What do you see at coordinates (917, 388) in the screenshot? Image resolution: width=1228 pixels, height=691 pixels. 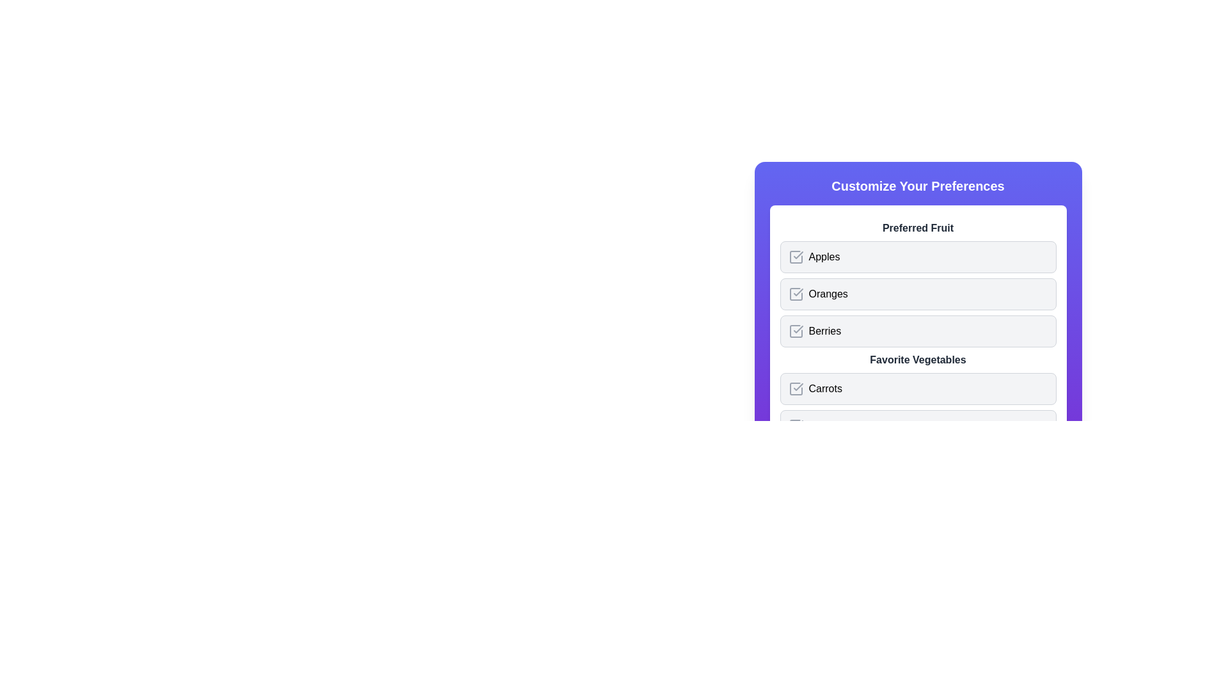 I see `the checkbox labeled 'Carrots' which is the first item under the 'Favorite Vegetables' category` at bounding box center [917, 388].